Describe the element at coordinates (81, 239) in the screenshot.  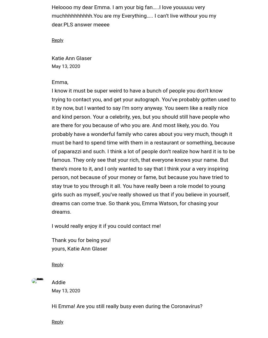
I see `'Thank you for being you!'` at that location.